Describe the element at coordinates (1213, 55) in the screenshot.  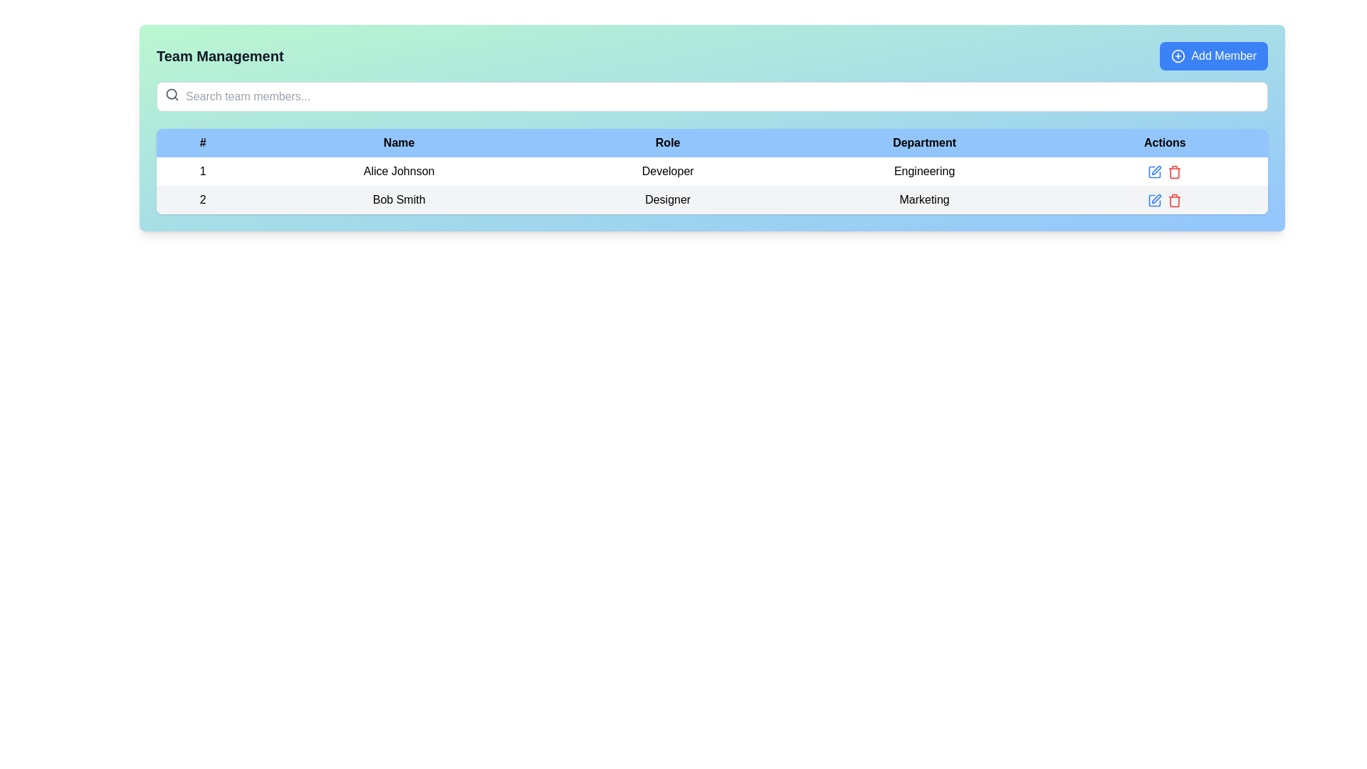
I see `the 'Add Member' button, which has a blue background, white text, and a plus icon` at that location.